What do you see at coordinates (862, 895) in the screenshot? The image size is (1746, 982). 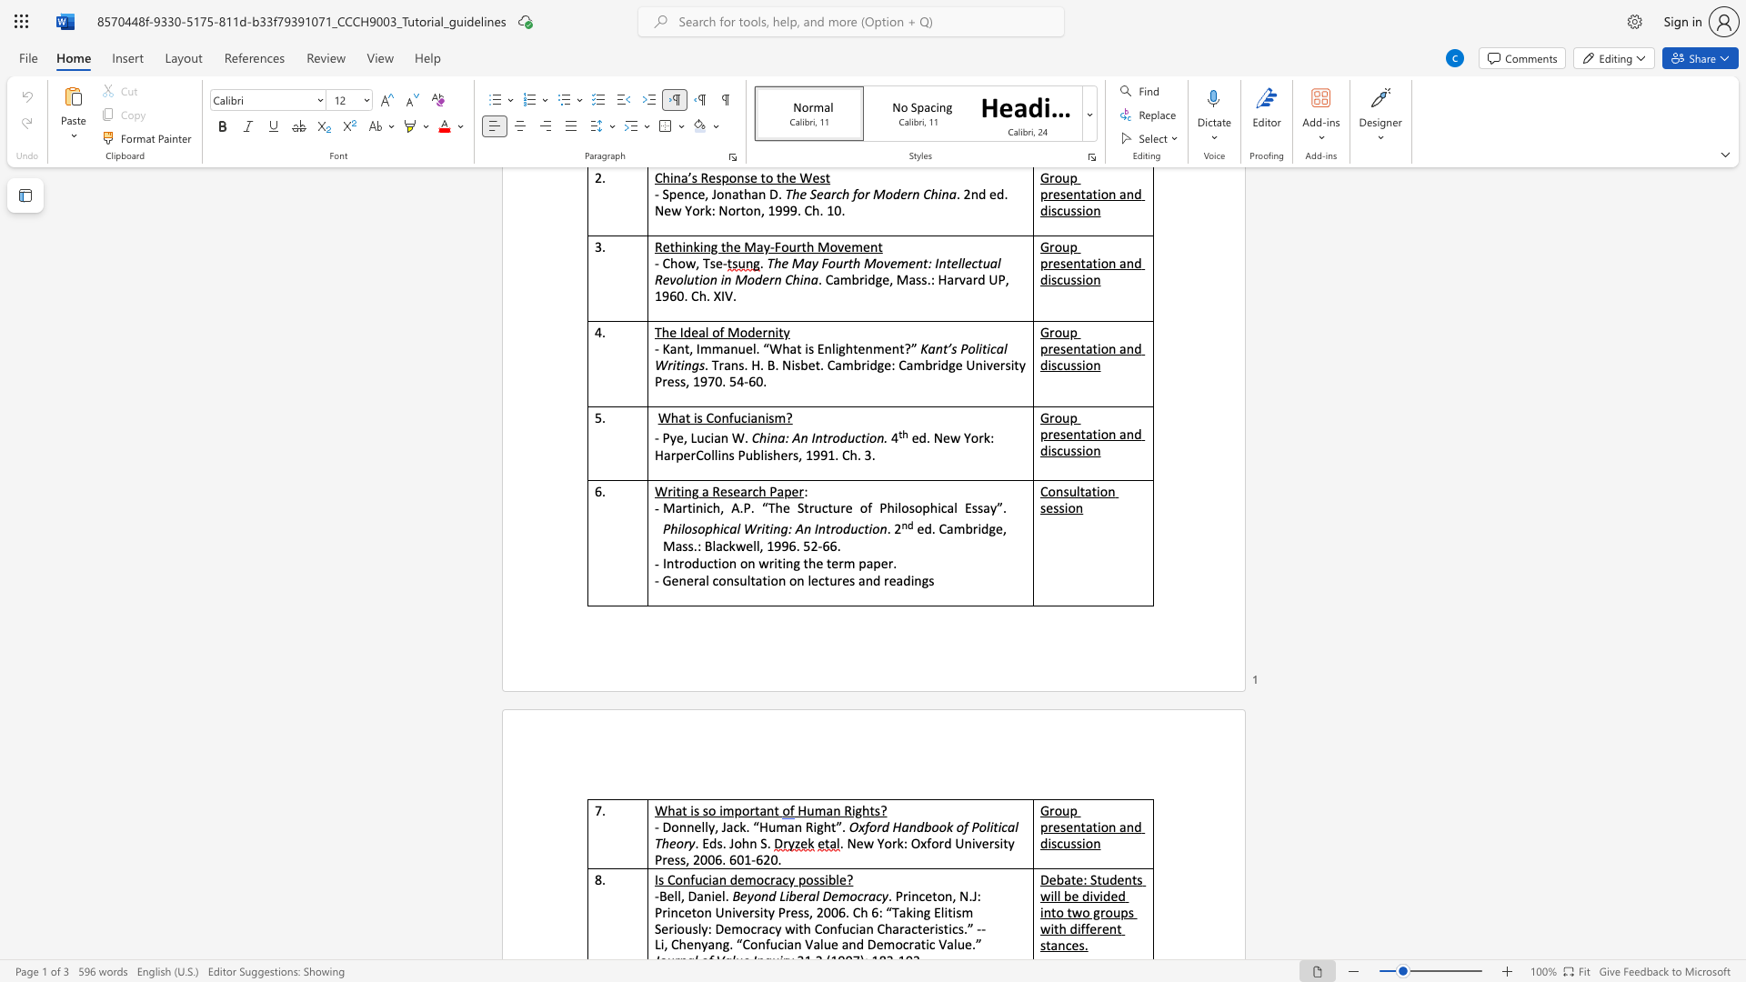 I see `the subset text "rac" within the text "Beyond Liberal Democracy"` at bounding box center [862, 895].